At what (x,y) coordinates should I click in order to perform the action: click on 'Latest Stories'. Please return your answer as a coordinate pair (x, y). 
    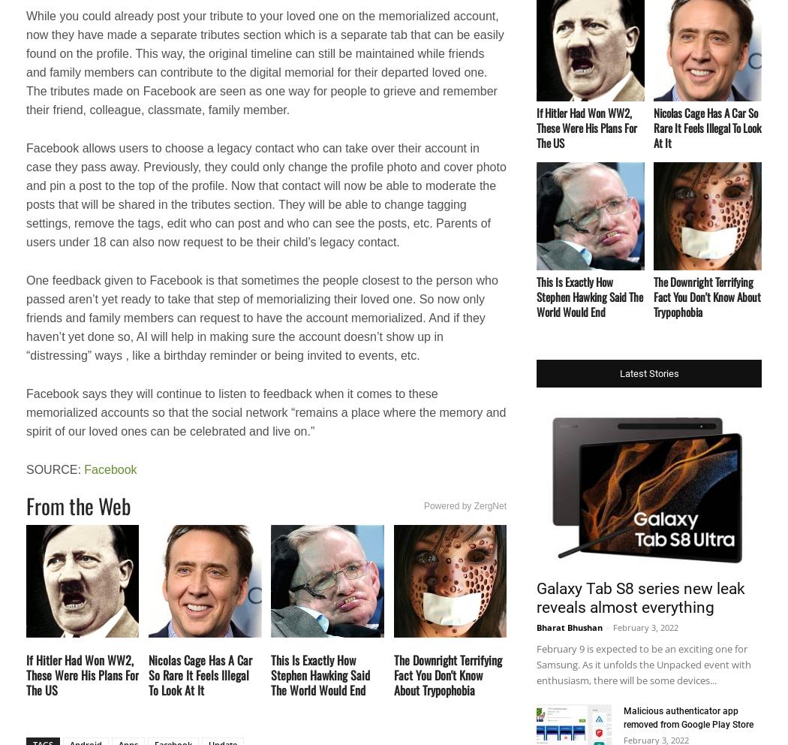
    Looking at the image, I should click on (648, 372).